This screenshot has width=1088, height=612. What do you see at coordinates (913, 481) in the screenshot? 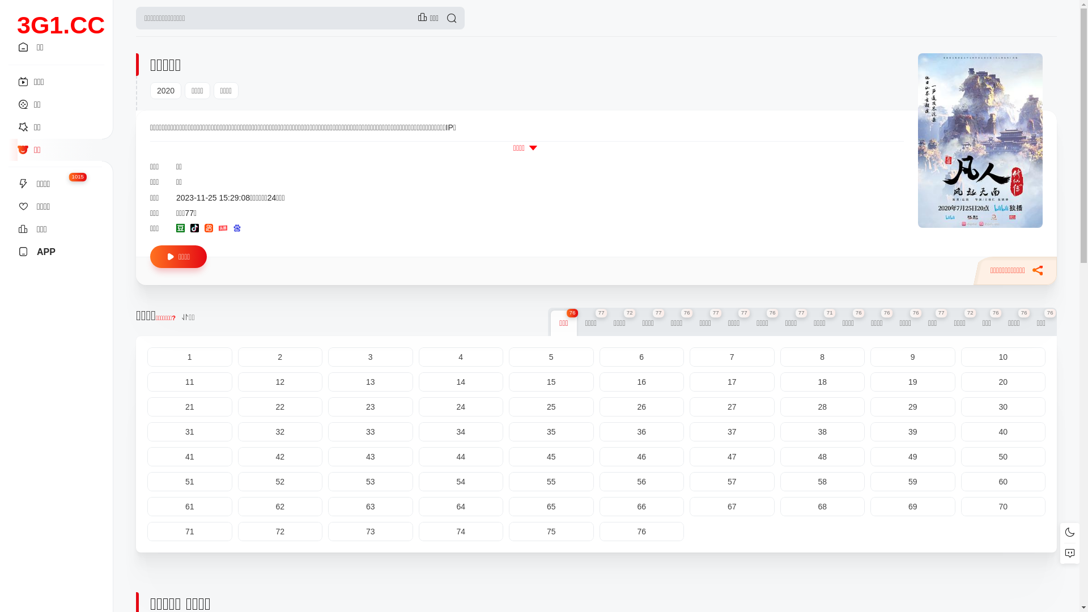
I see `'59'` at bounding box center [913, 481].